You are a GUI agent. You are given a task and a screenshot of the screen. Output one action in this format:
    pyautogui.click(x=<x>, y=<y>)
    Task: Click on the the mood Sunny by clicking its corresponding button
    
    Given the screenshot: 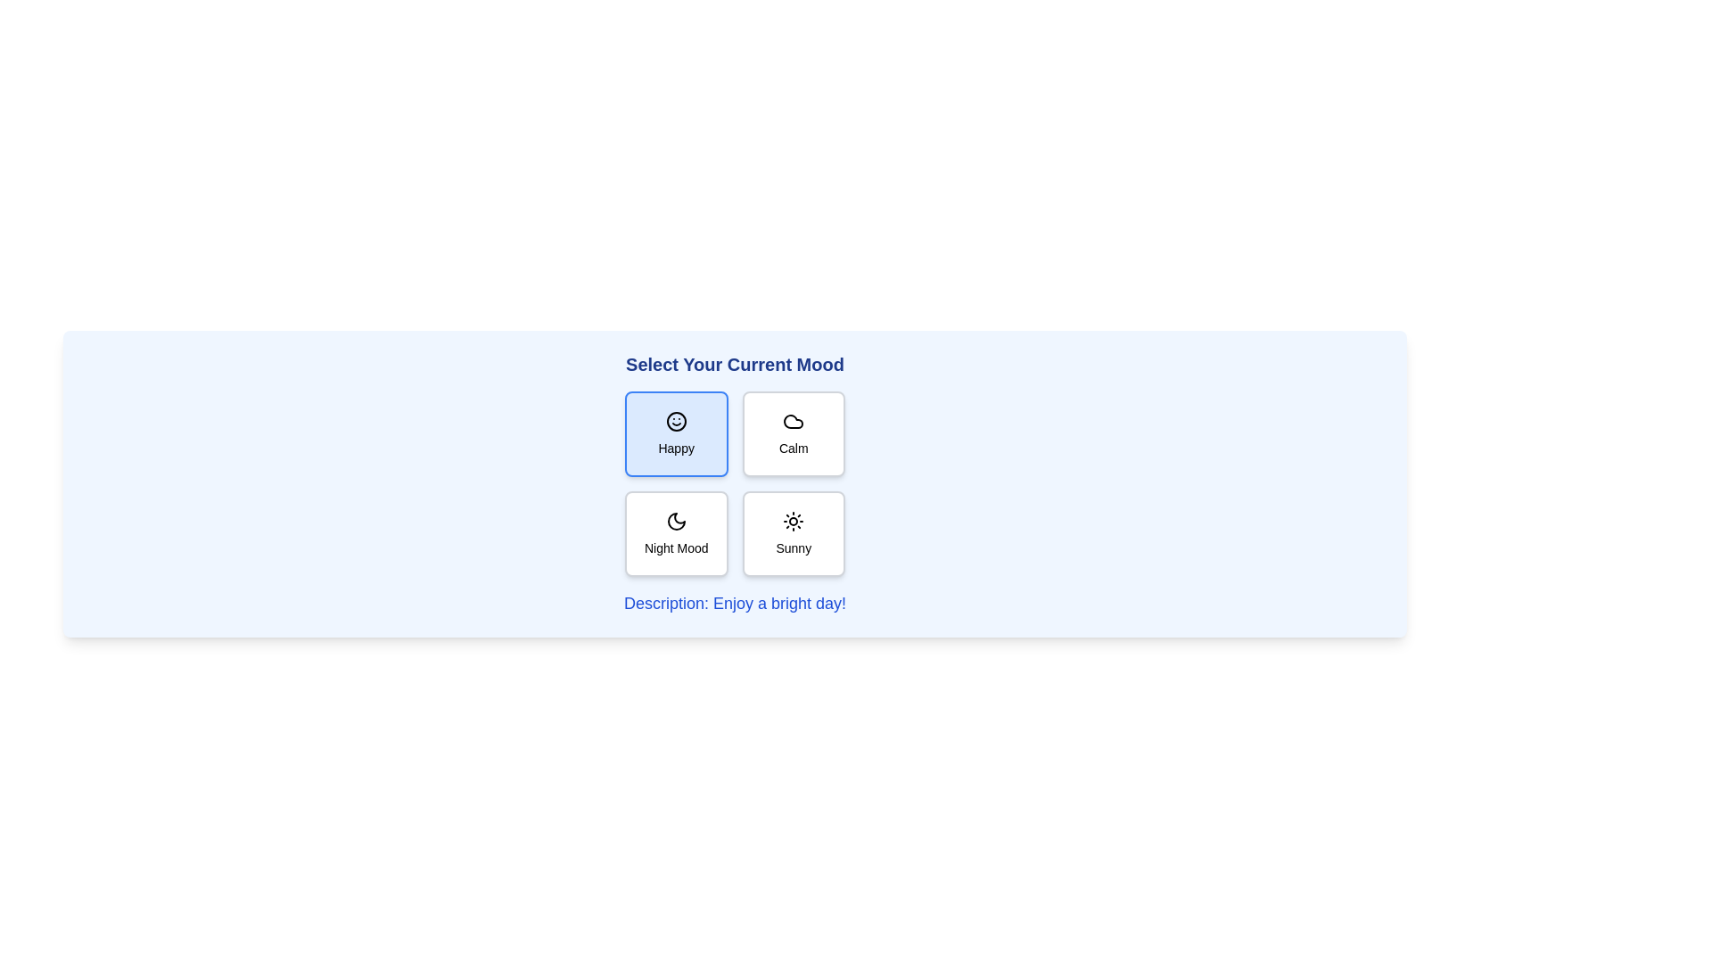 What is the action you would take?
    pyautogui.click(x=793, y=532)
    